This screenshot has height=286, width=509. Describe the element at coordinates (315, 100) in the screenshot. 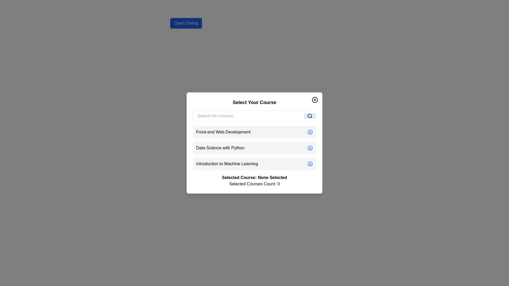

I see `the close icon represented by a circular graphical icon with a cross inside it, located at the top-right corner of the 'Select Your Course' modal dialogue box` at that location.